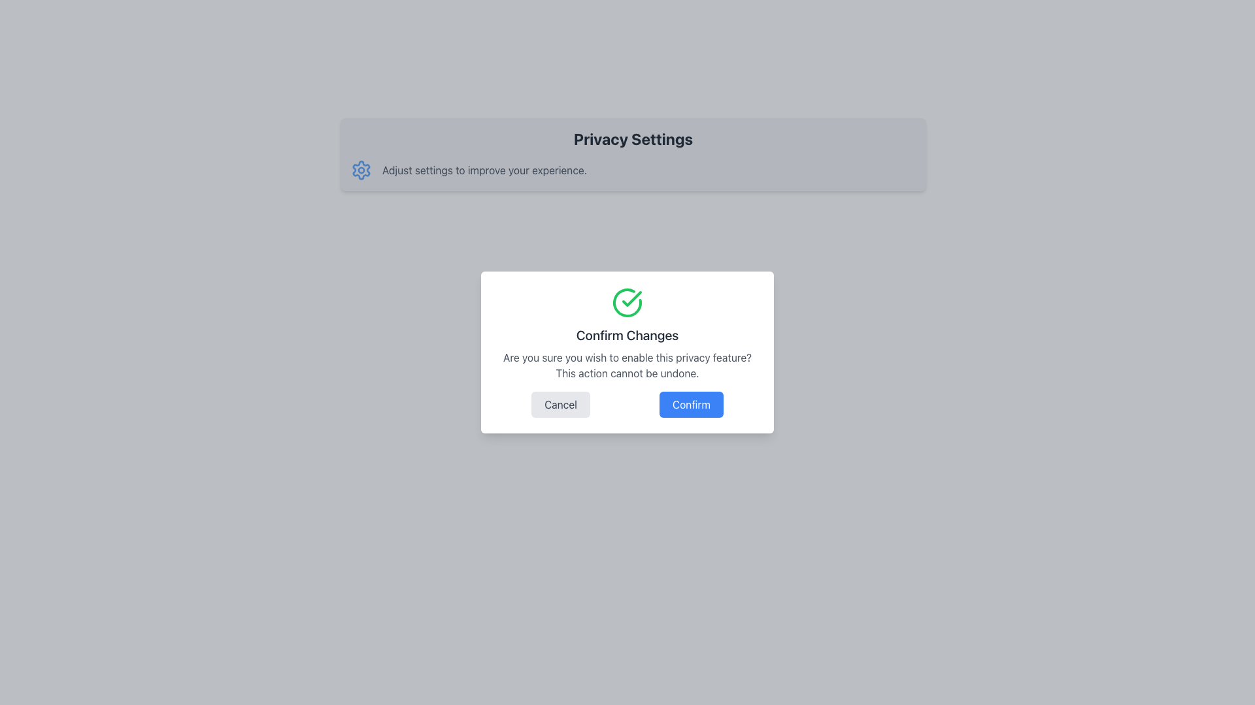 This screenshot has height=705, width=1255. What do you see at coordinates (361, 170) in the screenshot?
I see `the settings gear icon, which has a blue outline and is located to the left of the text 'Adjust settings to improve your experience.'` at bounding box center [361, 170].